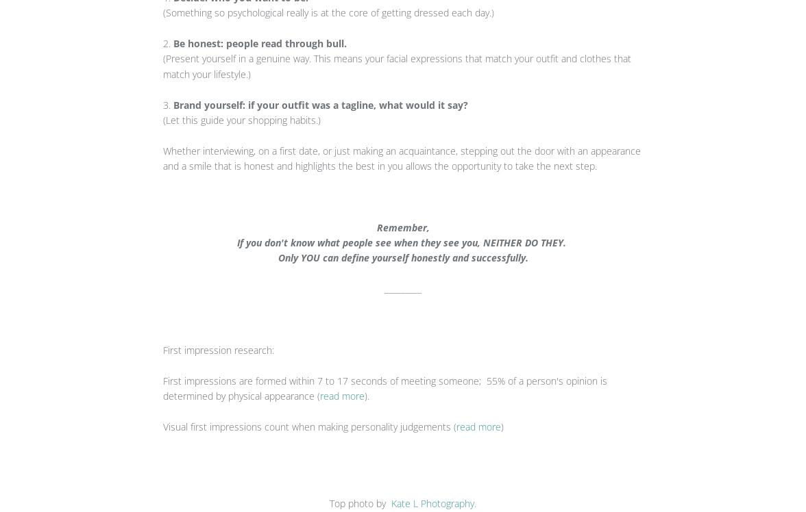  I want to click on 'If you don't know what people see when they see you, NEITHER DO THEY.', so click(403, 242).